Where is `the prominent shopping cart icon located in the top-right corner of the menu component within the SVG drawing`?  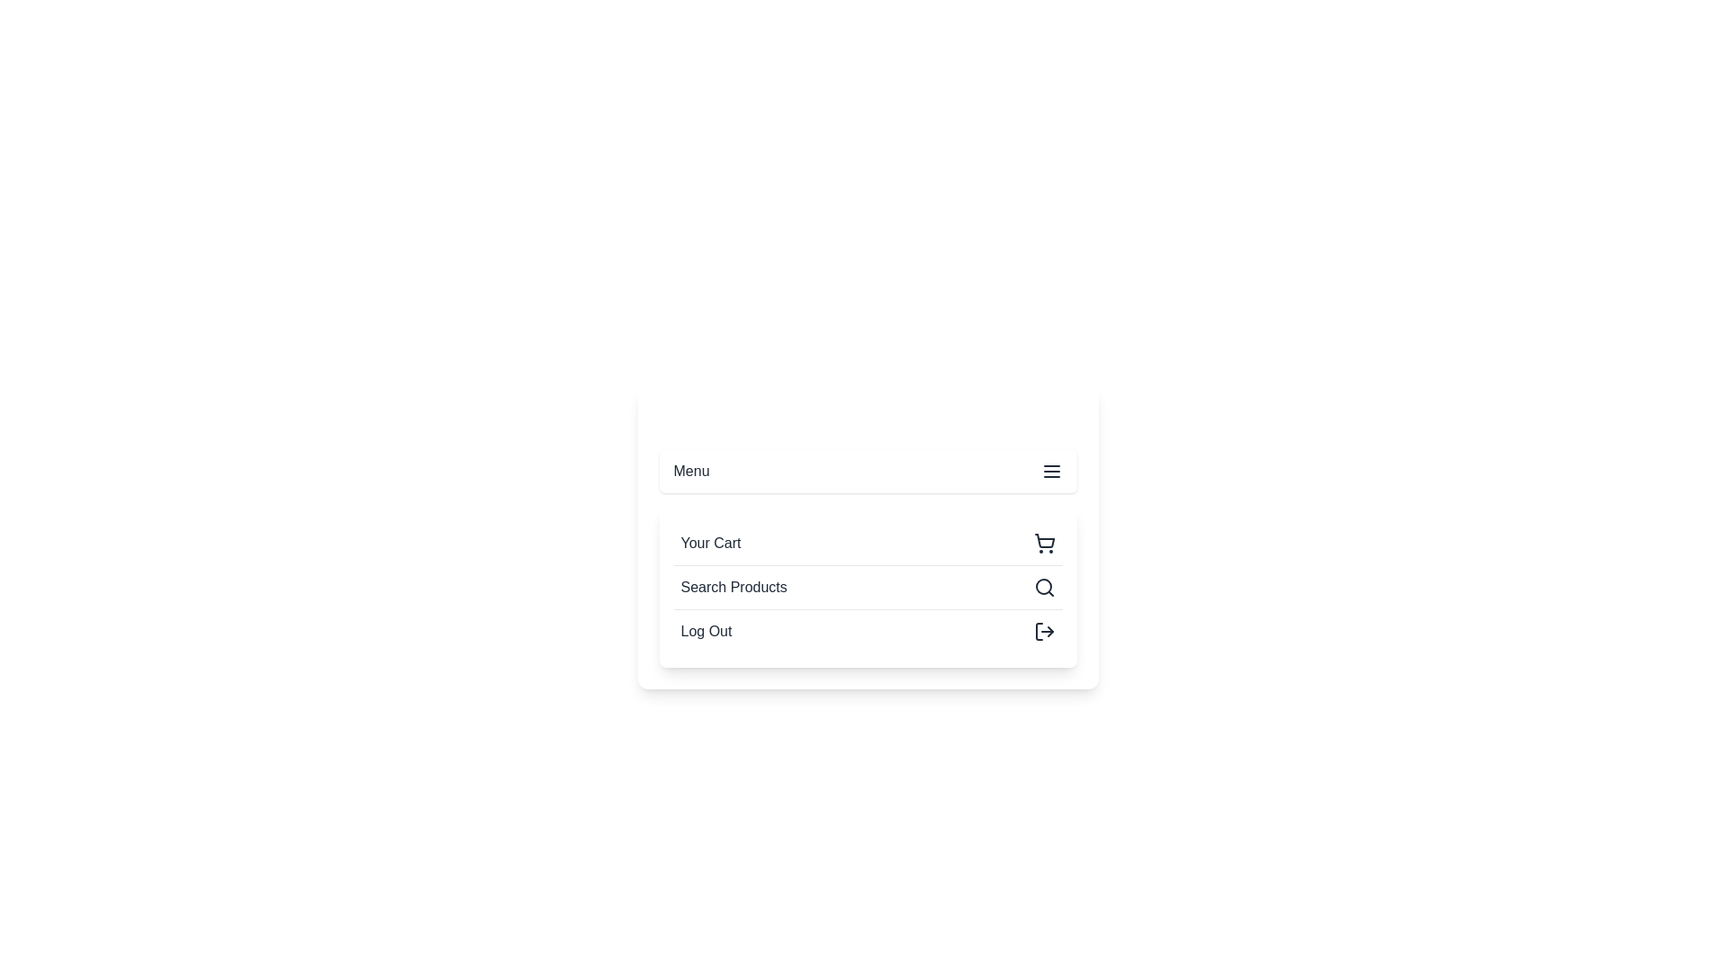 the prominent shopping cart icon located in the top-right corner of the menu component within the SVG drawing is located at coordinates (1044, 540).